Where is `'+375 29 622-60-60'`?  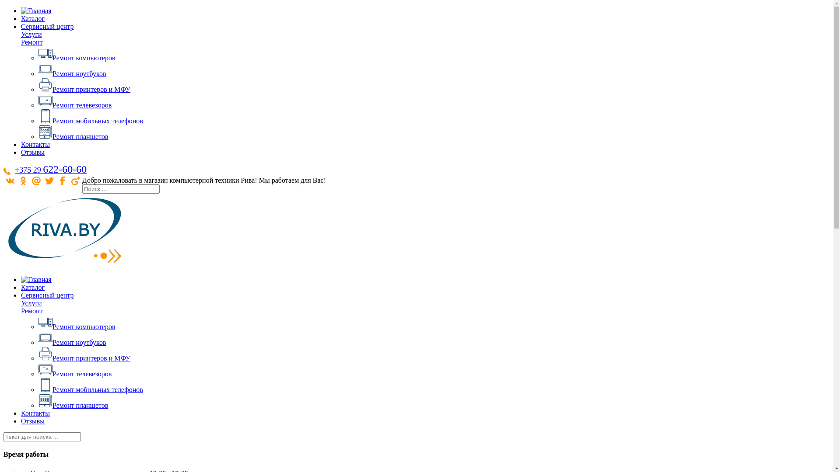
'+375 29 622-60-60' is located at coordinates (50, 169).